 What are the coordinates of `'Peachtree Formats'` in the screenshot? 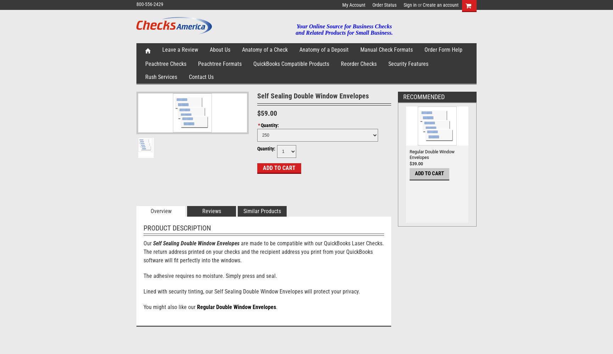 It's located at (197, 64).